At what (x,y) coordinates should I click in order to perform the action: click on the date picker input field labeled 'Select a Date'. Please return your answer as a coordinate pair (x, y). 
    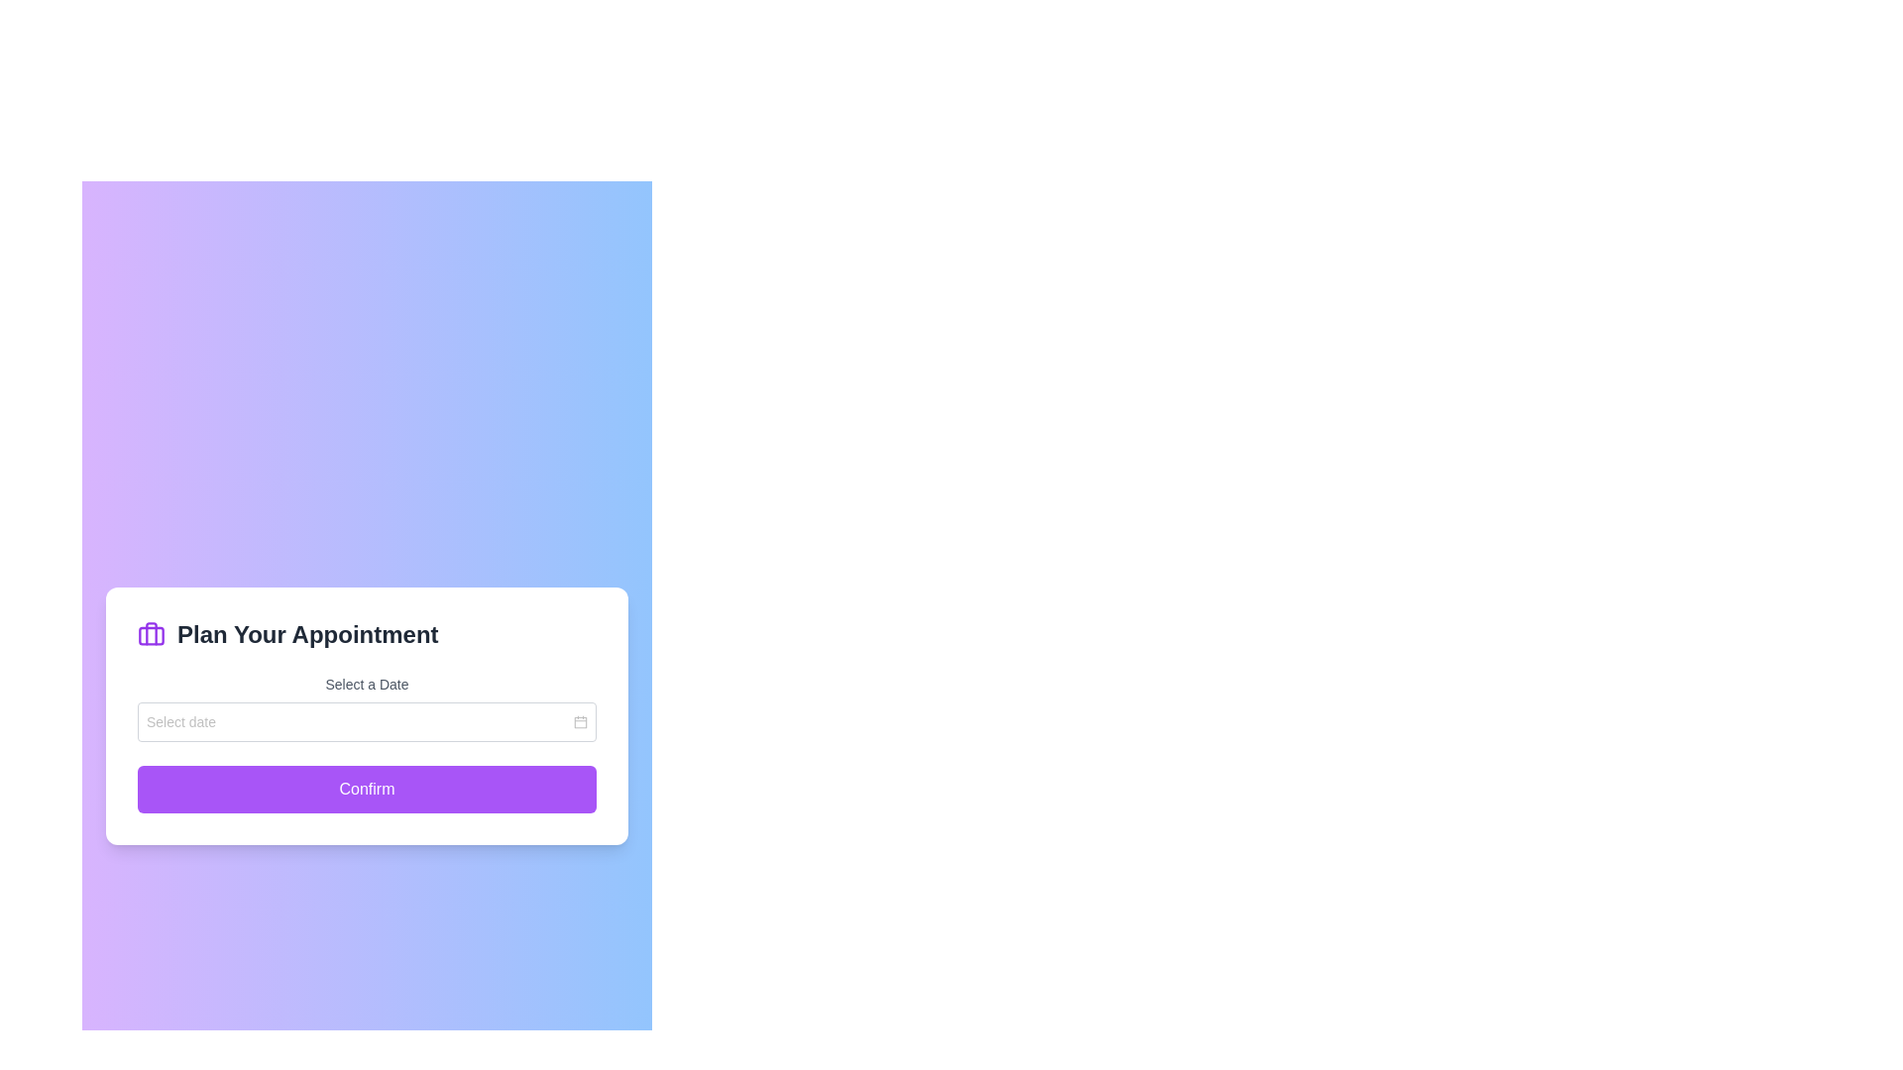
    Looking at the image, I should click on (367, 706).